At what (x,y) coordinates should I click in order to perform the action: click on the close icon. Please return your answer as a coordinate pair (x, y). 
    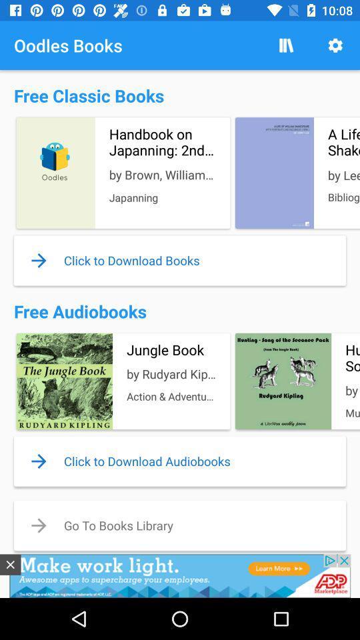
    Looking at the image, I should click on (9, 564).